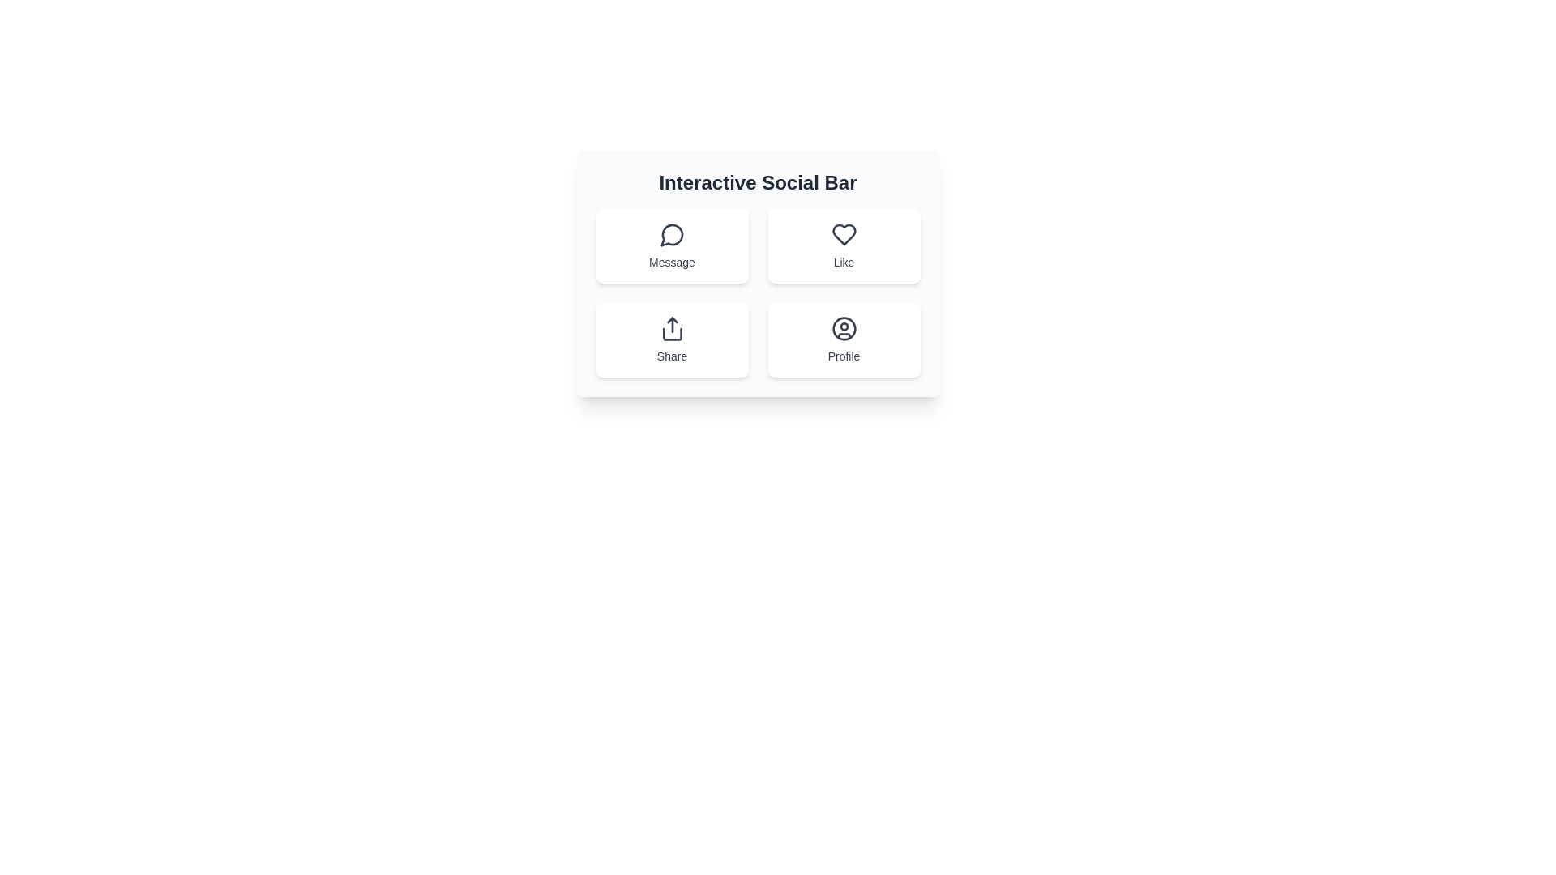  I want to click on the user profile icon located in the bottom-right tile of the card interface, which is labeled 'Profile', so click(843, 328).